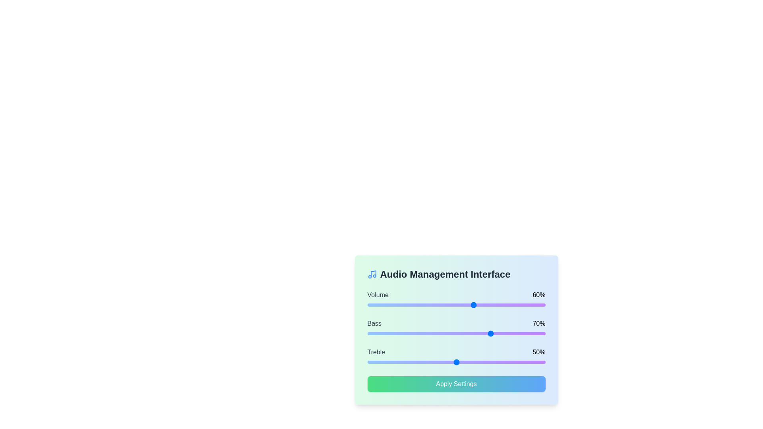  What do you see at coordinates (456, 328) in the screenshot?
I see `the percentage values` at bounding box center [456, 328].